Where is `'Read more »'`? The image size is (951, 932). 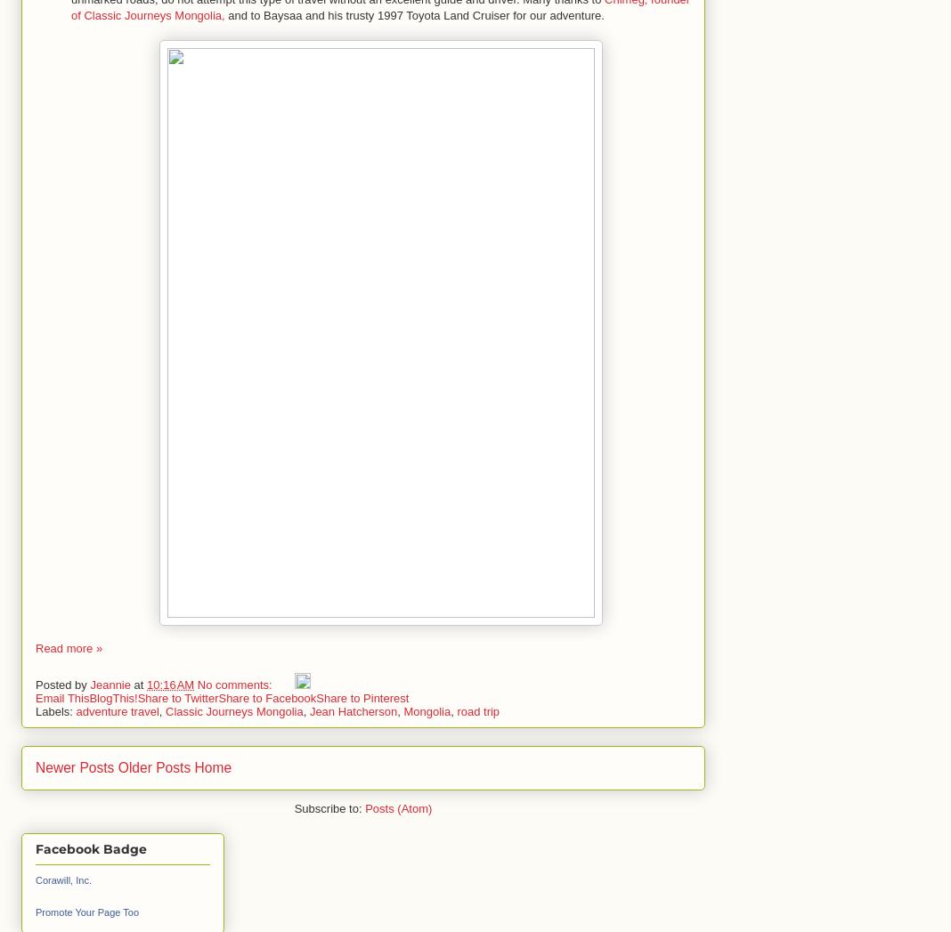
'Read more »' is located at coordinates (35, 648).